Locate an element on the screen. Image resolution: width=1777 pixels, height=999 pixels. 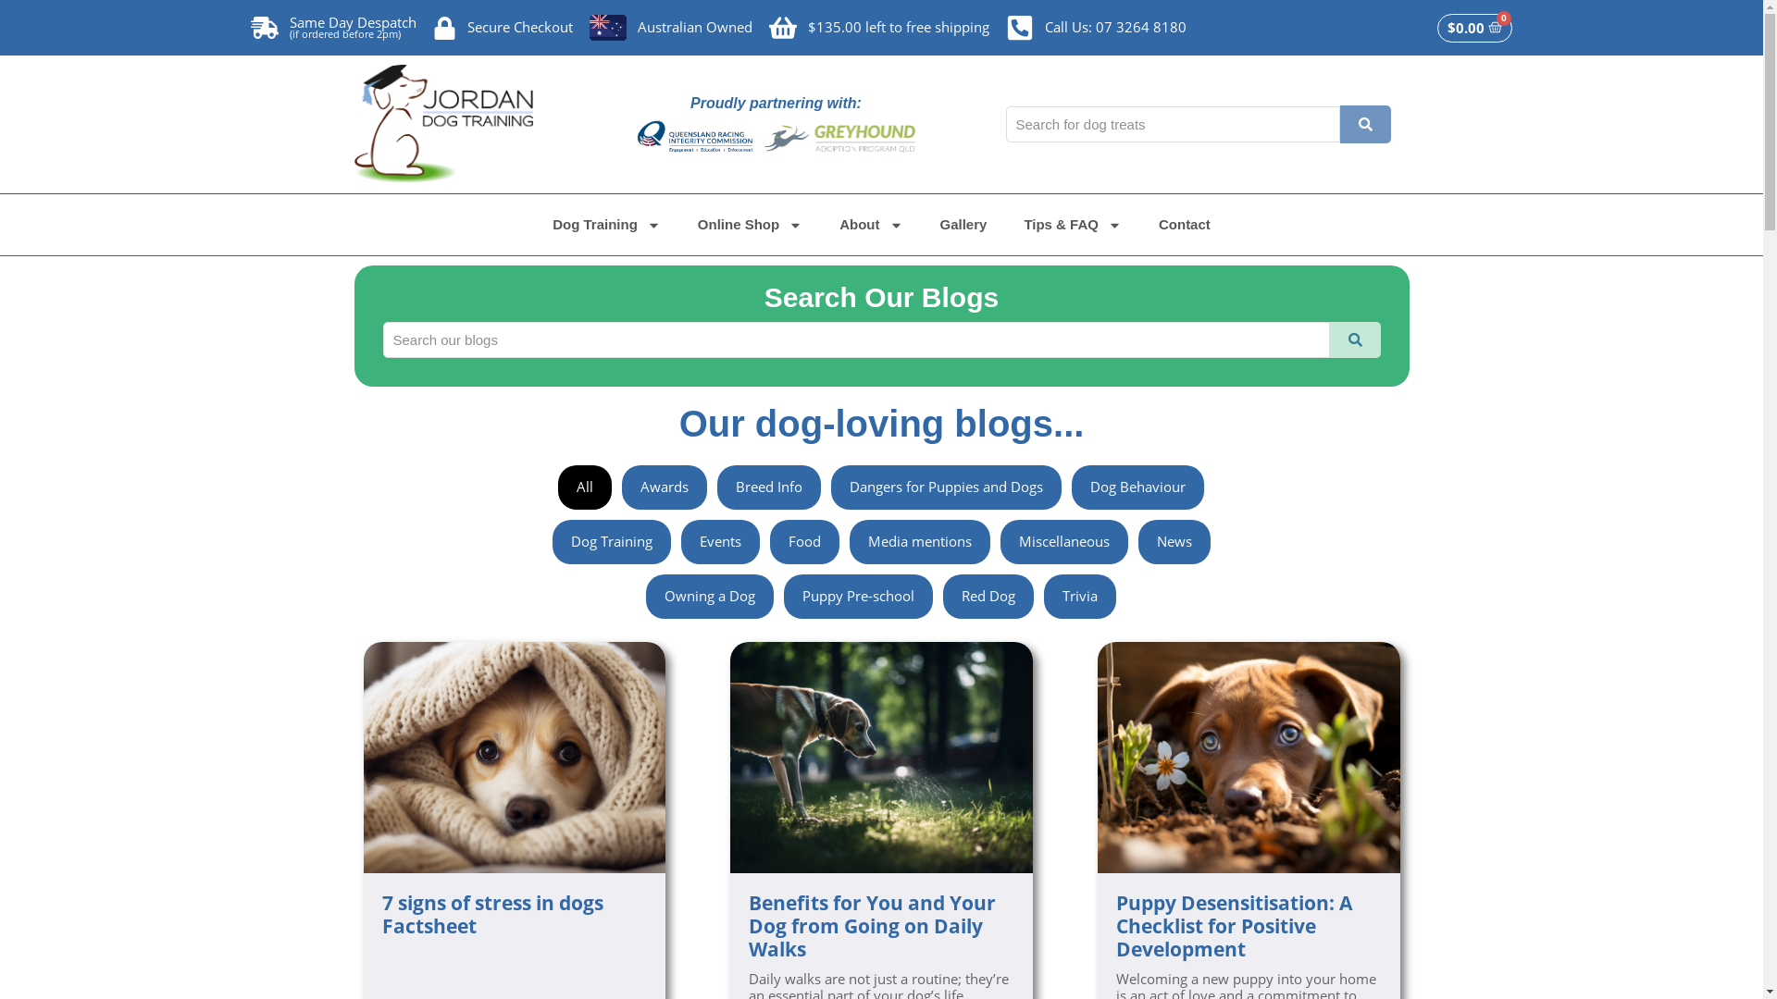
'Dog Behaviour' is located at coordinates (1071, 487).